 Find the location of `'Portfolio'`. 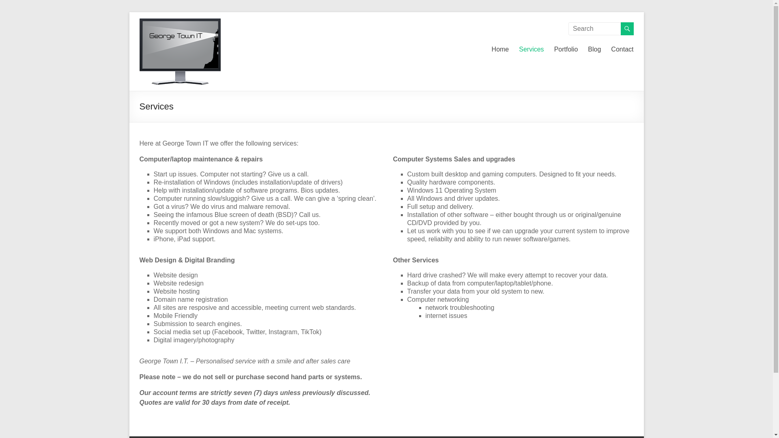

'Portfolio' is located at coordinates (566, 49).